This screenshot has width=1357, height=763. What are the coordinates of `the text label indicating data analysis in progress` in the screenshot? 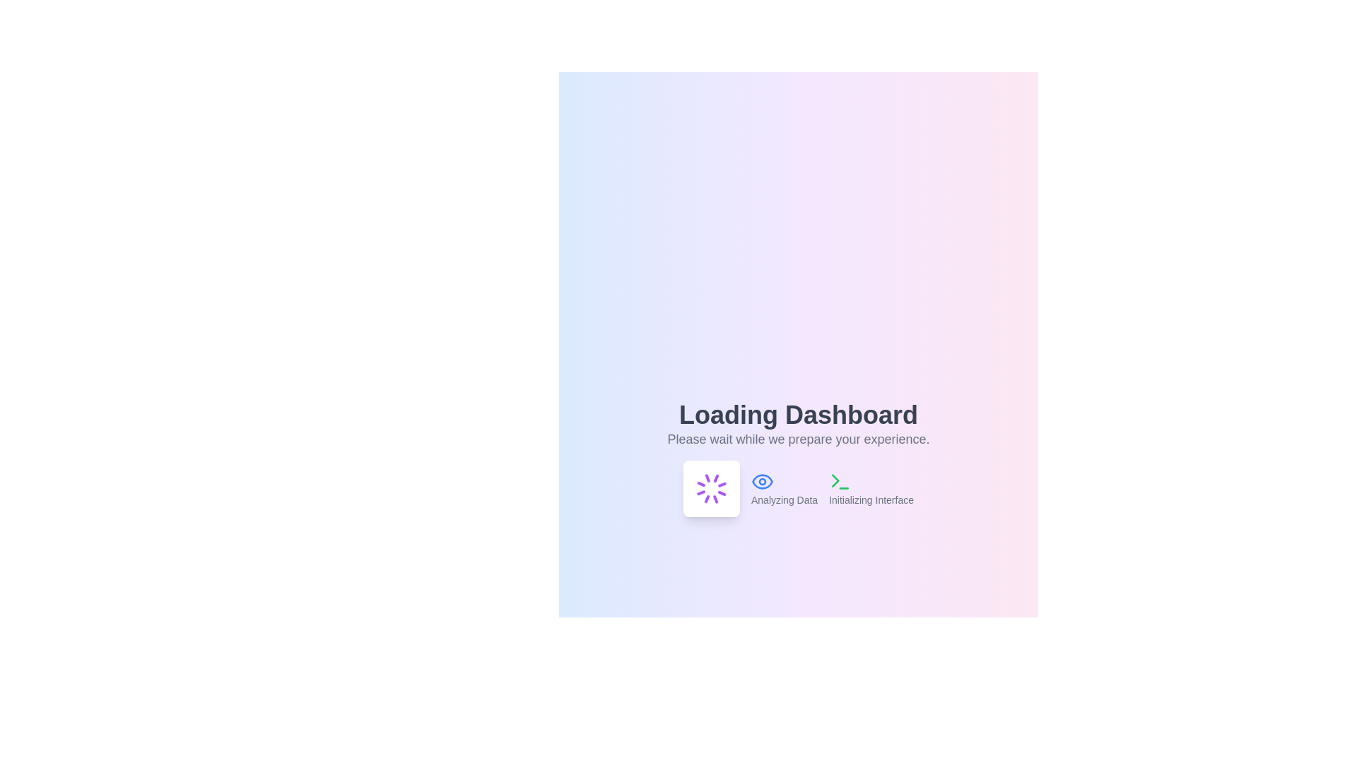 It's located at (784, 499).